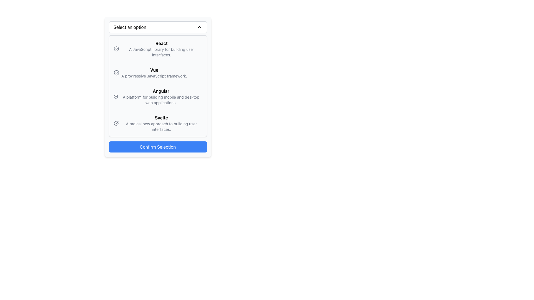 The width and height of the screenshot is (534, 300). What do you see at coordinates (161, 43) in the screenshot?
I see `the bolded text label displaying the word 'React' located at the top of a list item within the dropdown menu, just beneath the 'Select an option' selector` at bounding box center [161, 43].